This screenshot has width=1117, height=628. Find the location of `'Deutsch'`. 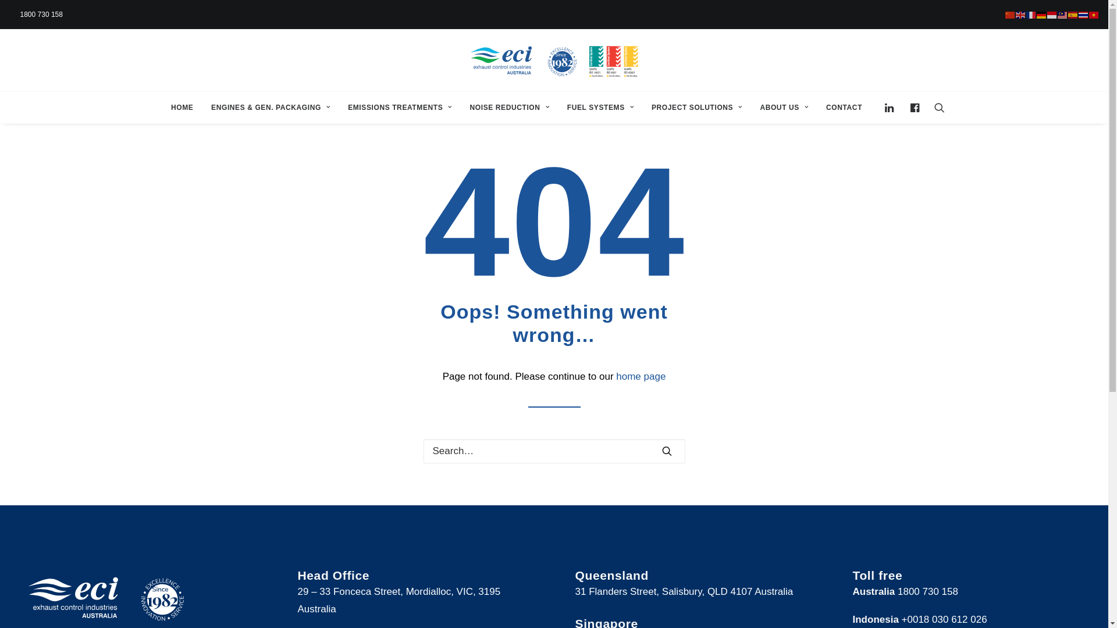

'Deutsch' is located at coordinates (1041, 14).